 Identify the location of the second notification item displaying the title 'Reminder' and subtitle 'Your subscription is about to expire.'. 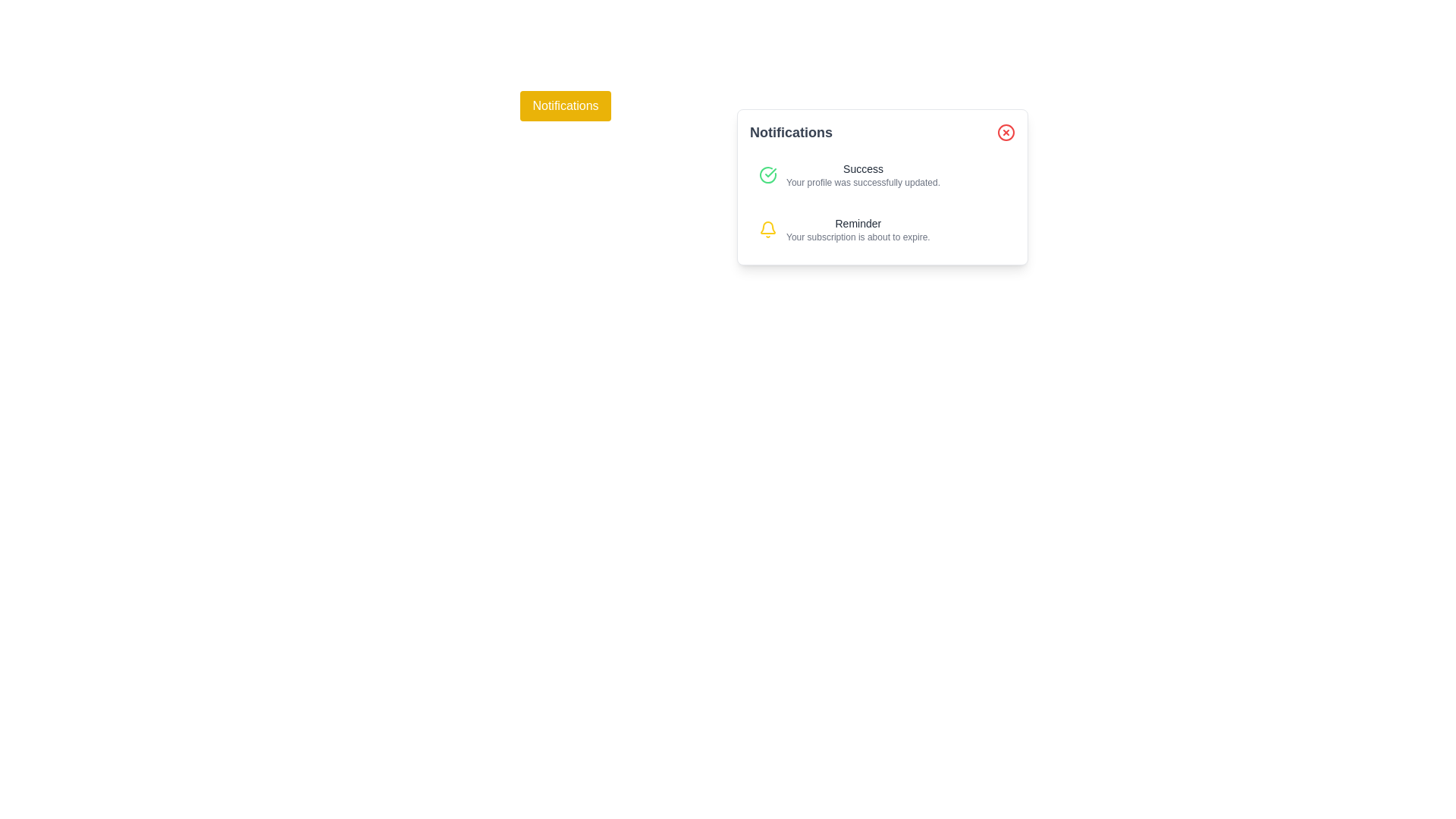
(882, 230).